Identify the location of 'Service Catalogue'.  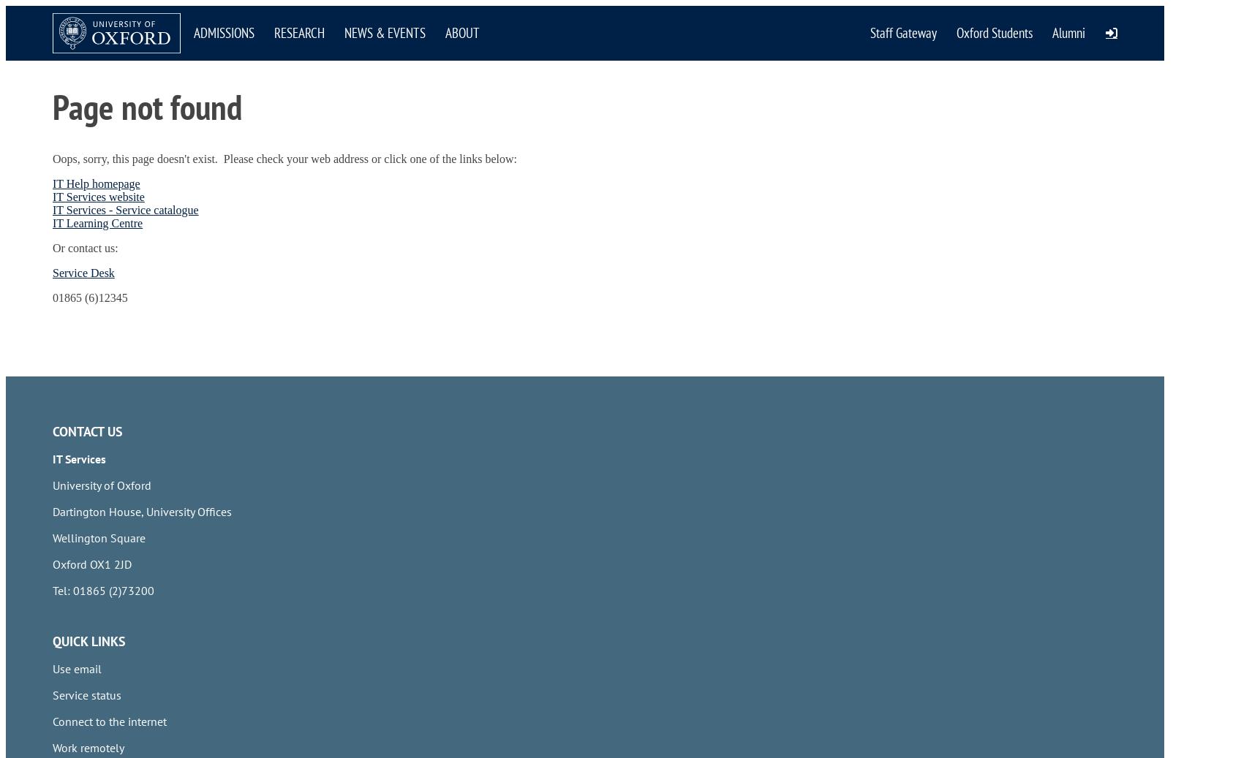
(97, 118).